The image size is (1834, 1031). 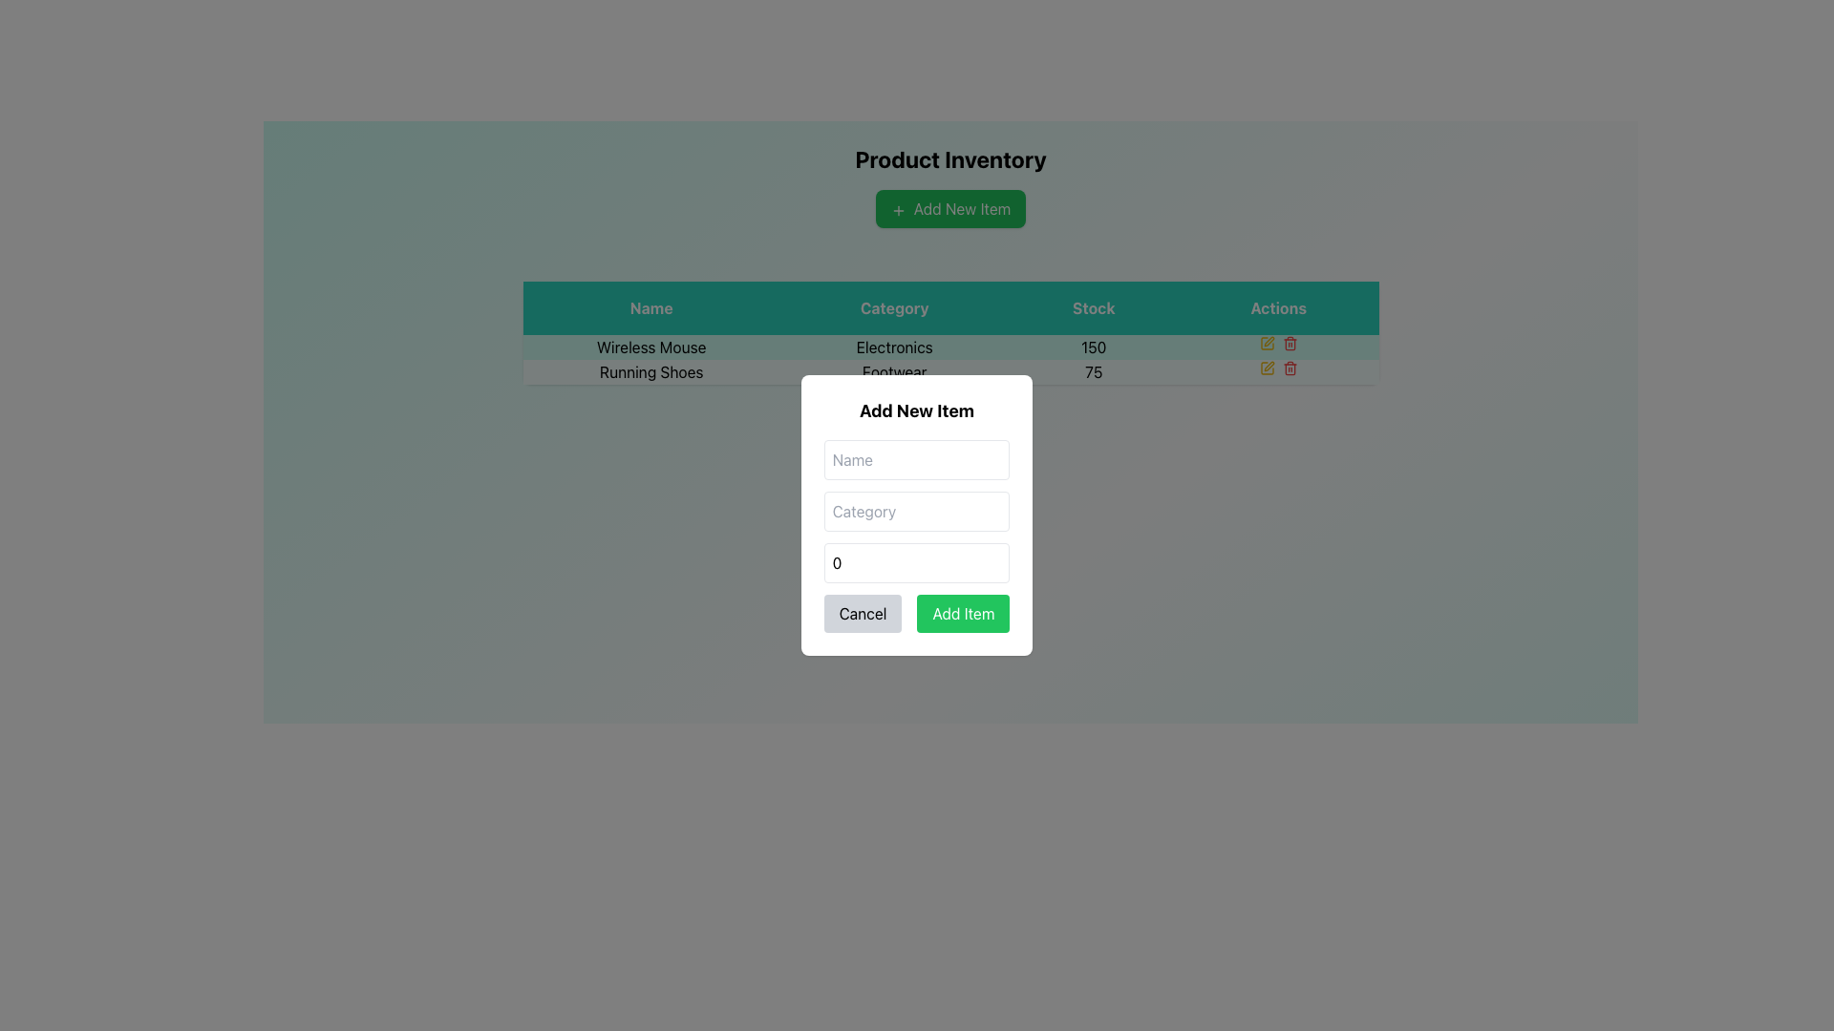 I want to click on the 'Stock' label in the table header, which indicates the quantity or stock level of items, so click(x=1094, y=307).